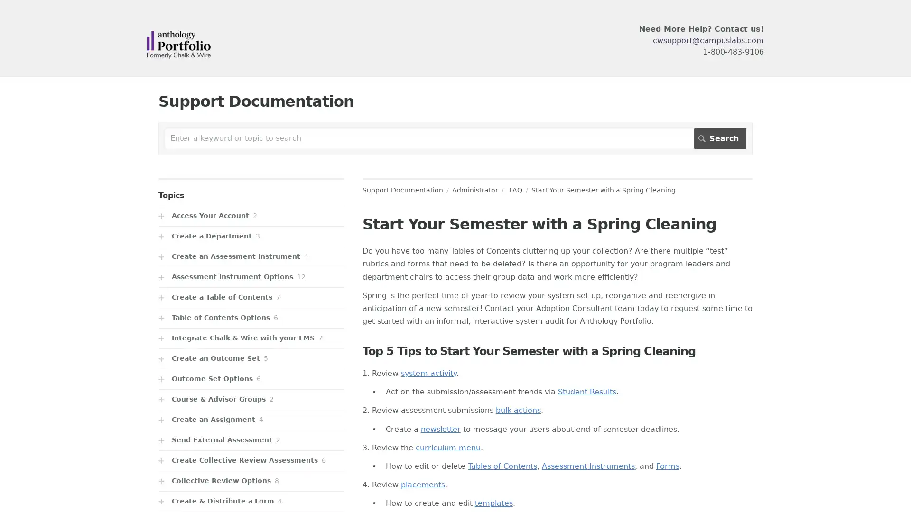 This screenshot has height=512, width=911. I want to click on Table of Contents Options 6, so click(251, 318).